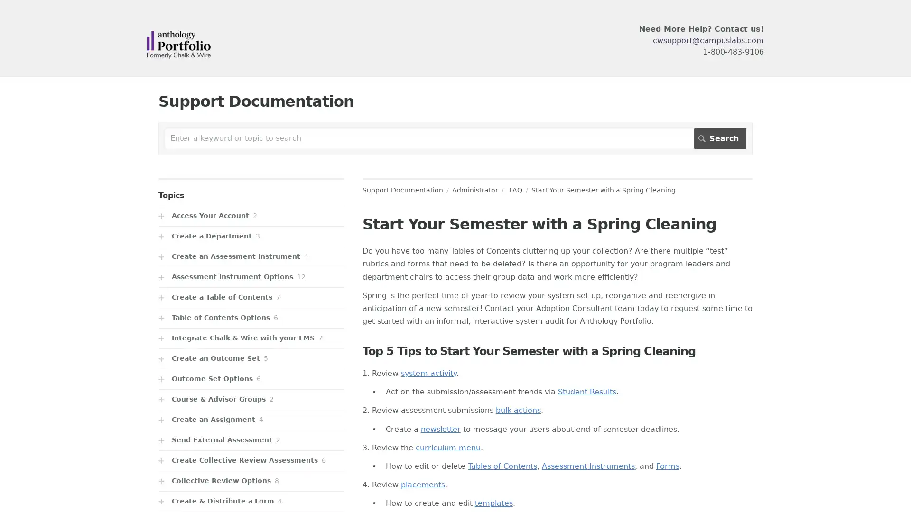 This screenshot has height=512, width=911. I want to click on Table of Contents Options 6, so click(251, 318).